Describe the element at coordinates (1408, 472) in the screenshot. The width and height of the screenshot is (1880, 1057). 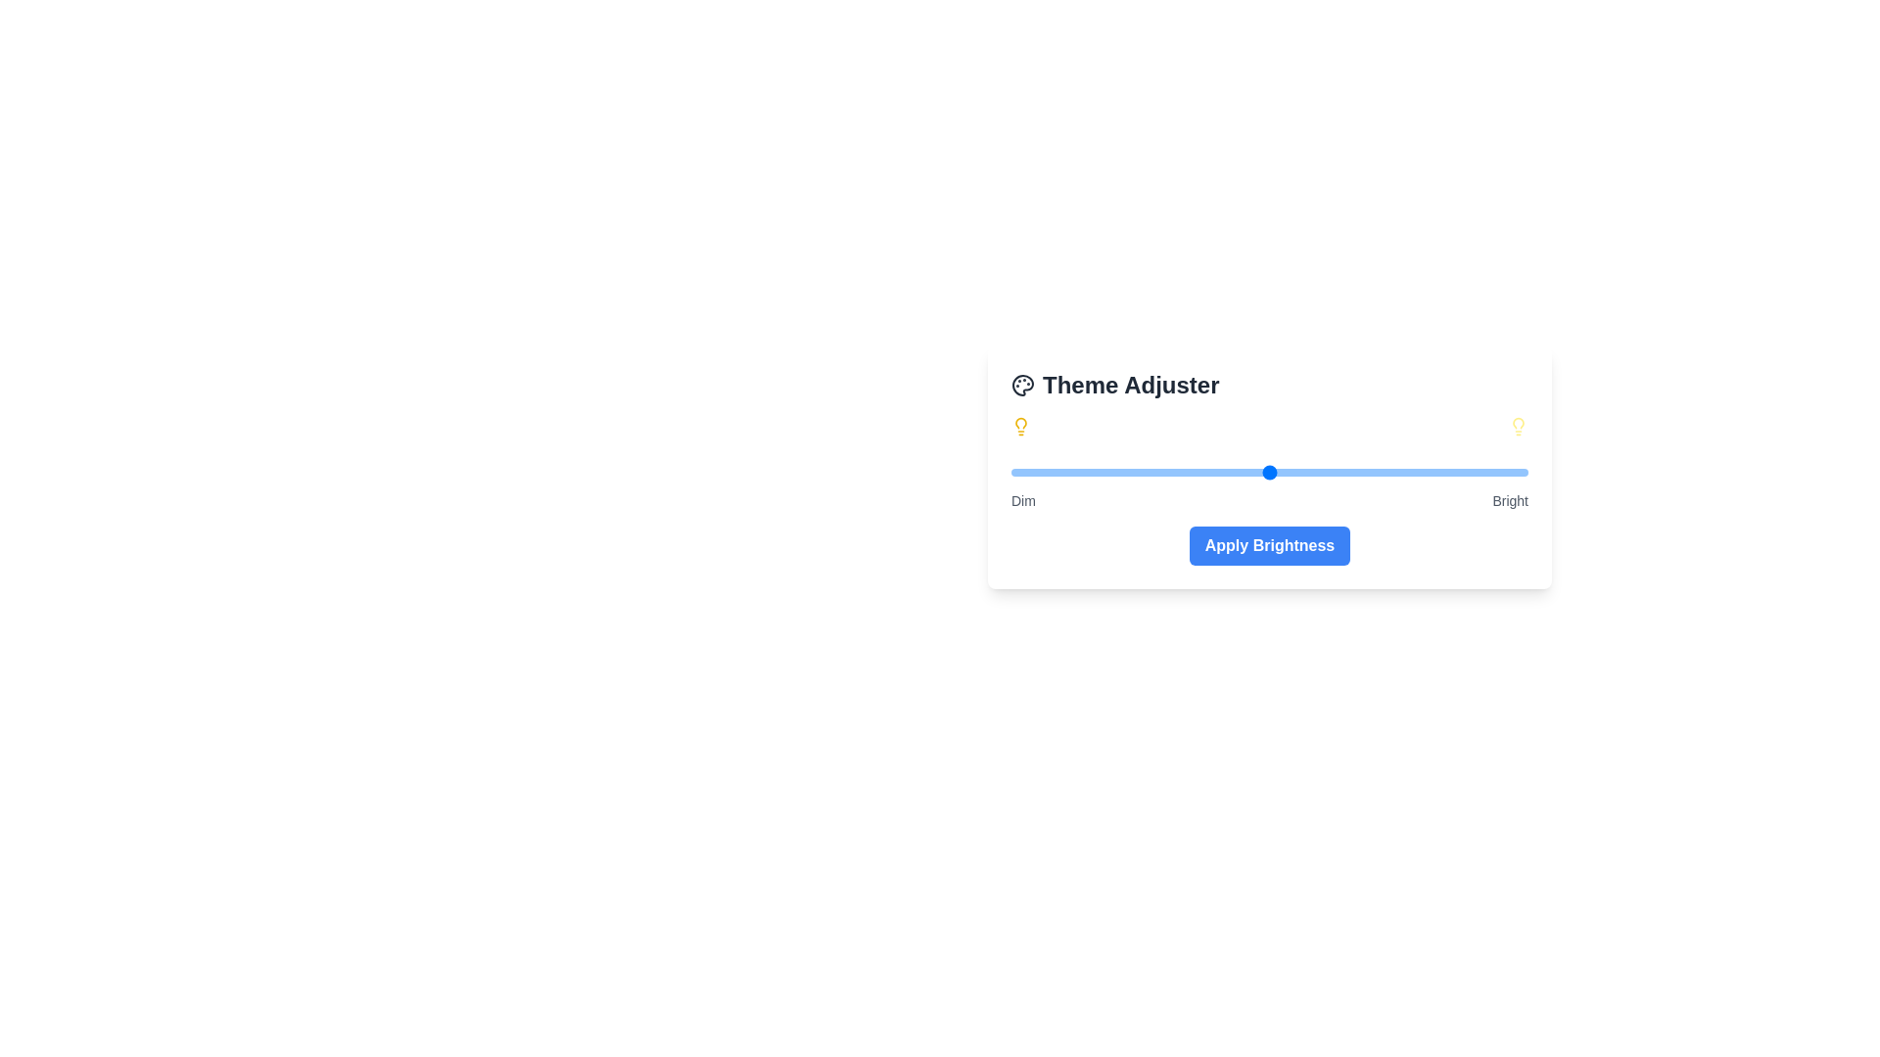
I see `the brightness slider to a specific value 77` at that location.